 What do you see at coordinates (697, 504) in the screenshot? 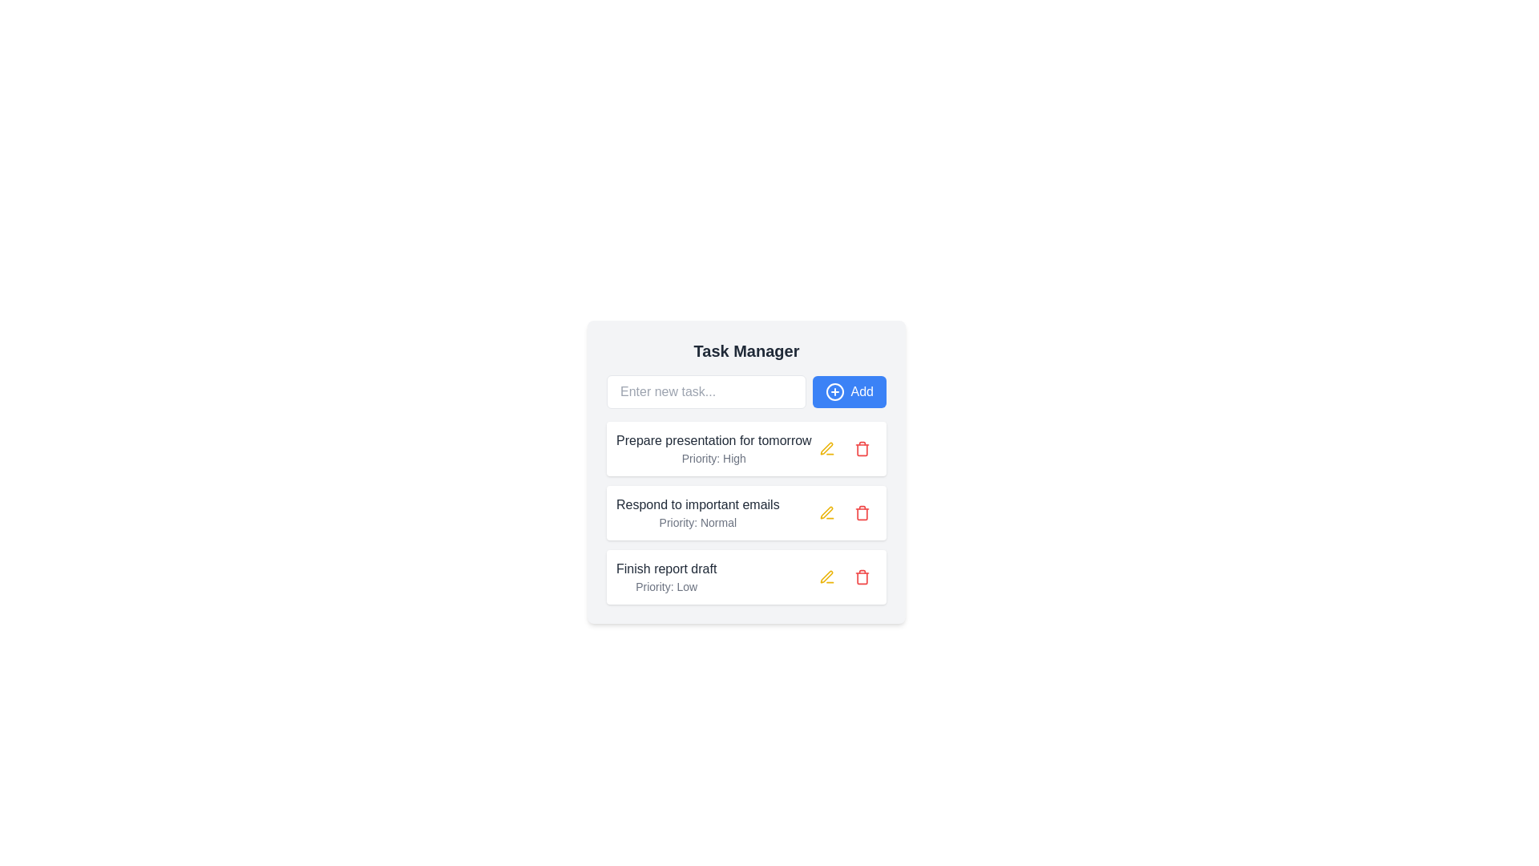
I see `the main task title in the task management interface, which is positioned above the priority indicator and is the central element of the second list item` at bounding box center [697, 504].